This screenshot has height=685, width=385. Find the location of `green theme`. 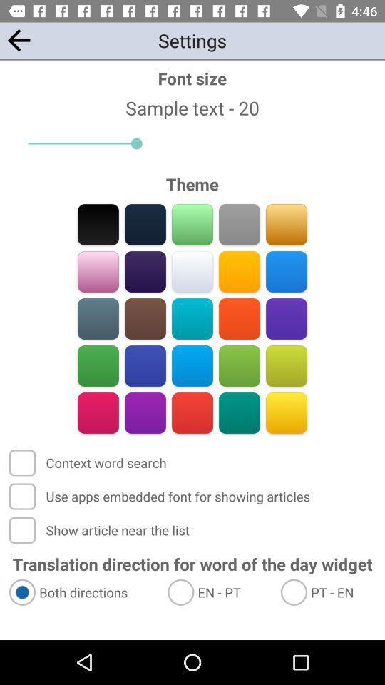

green theme is located at coordinates (239, 365).